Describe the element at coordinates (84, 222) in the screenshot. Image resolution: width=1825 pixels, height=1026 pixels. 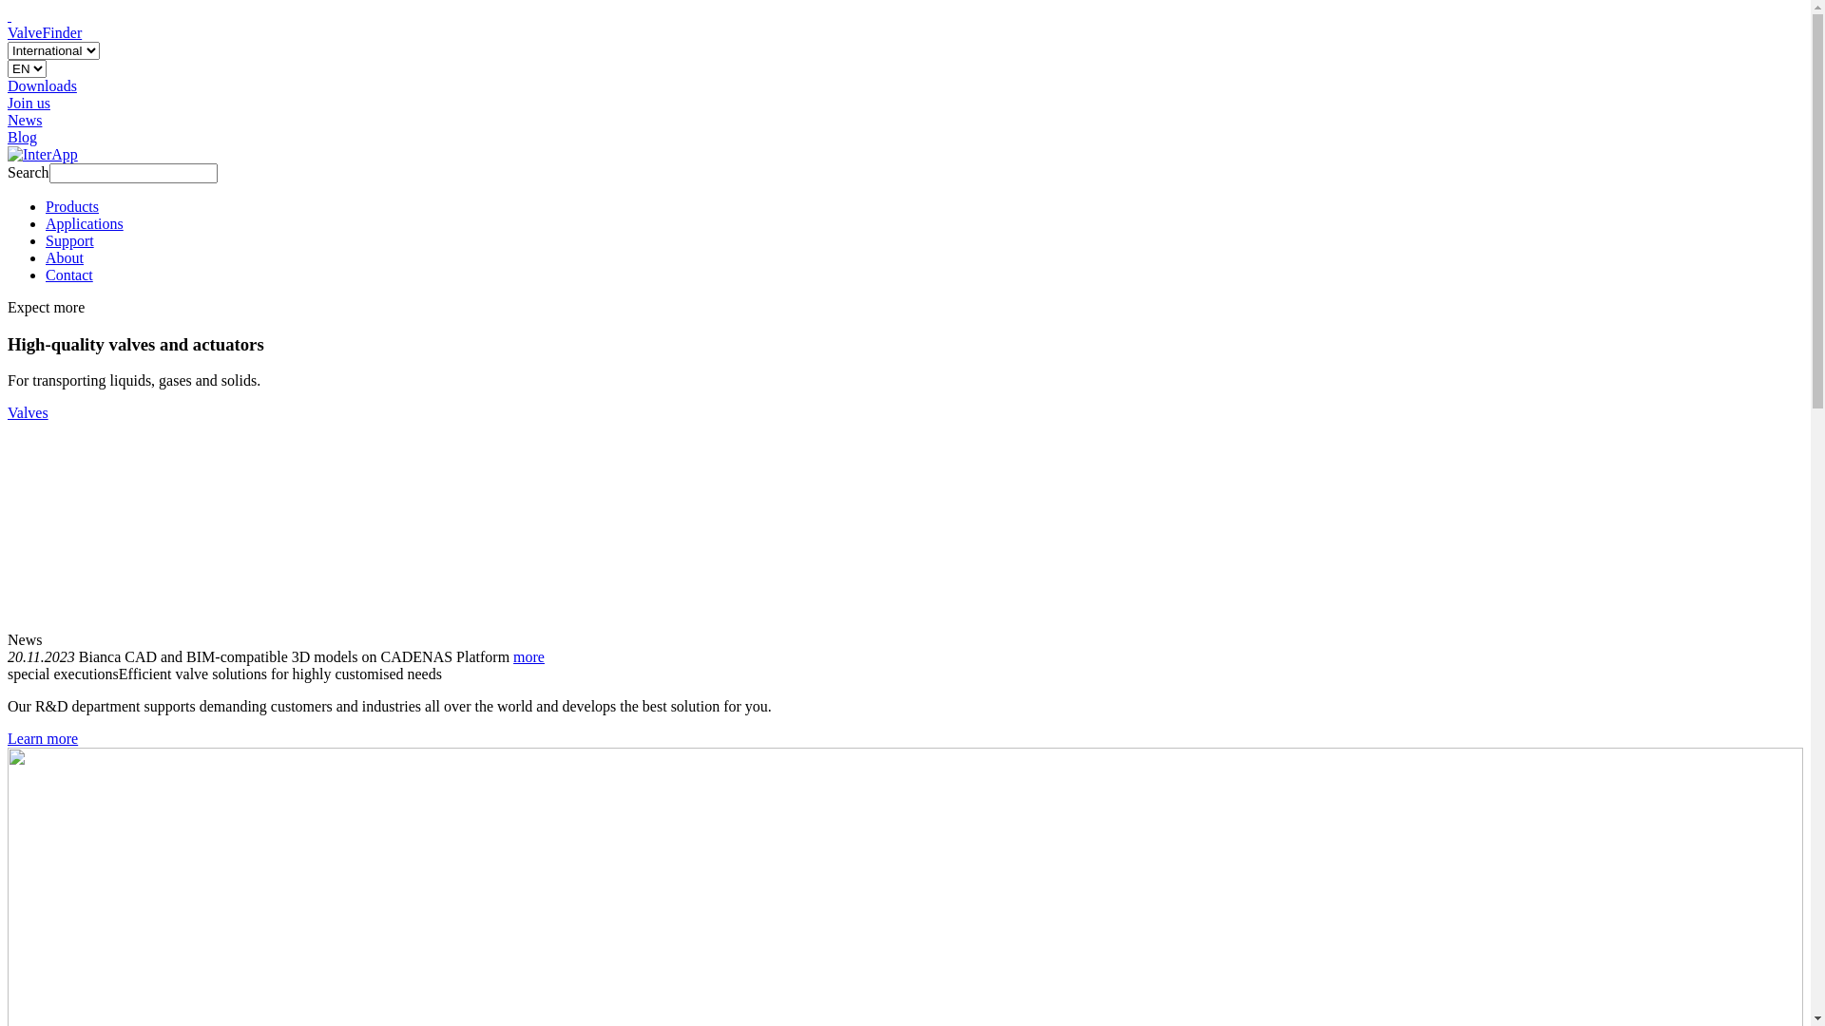
I see `'Applications'` at that location.